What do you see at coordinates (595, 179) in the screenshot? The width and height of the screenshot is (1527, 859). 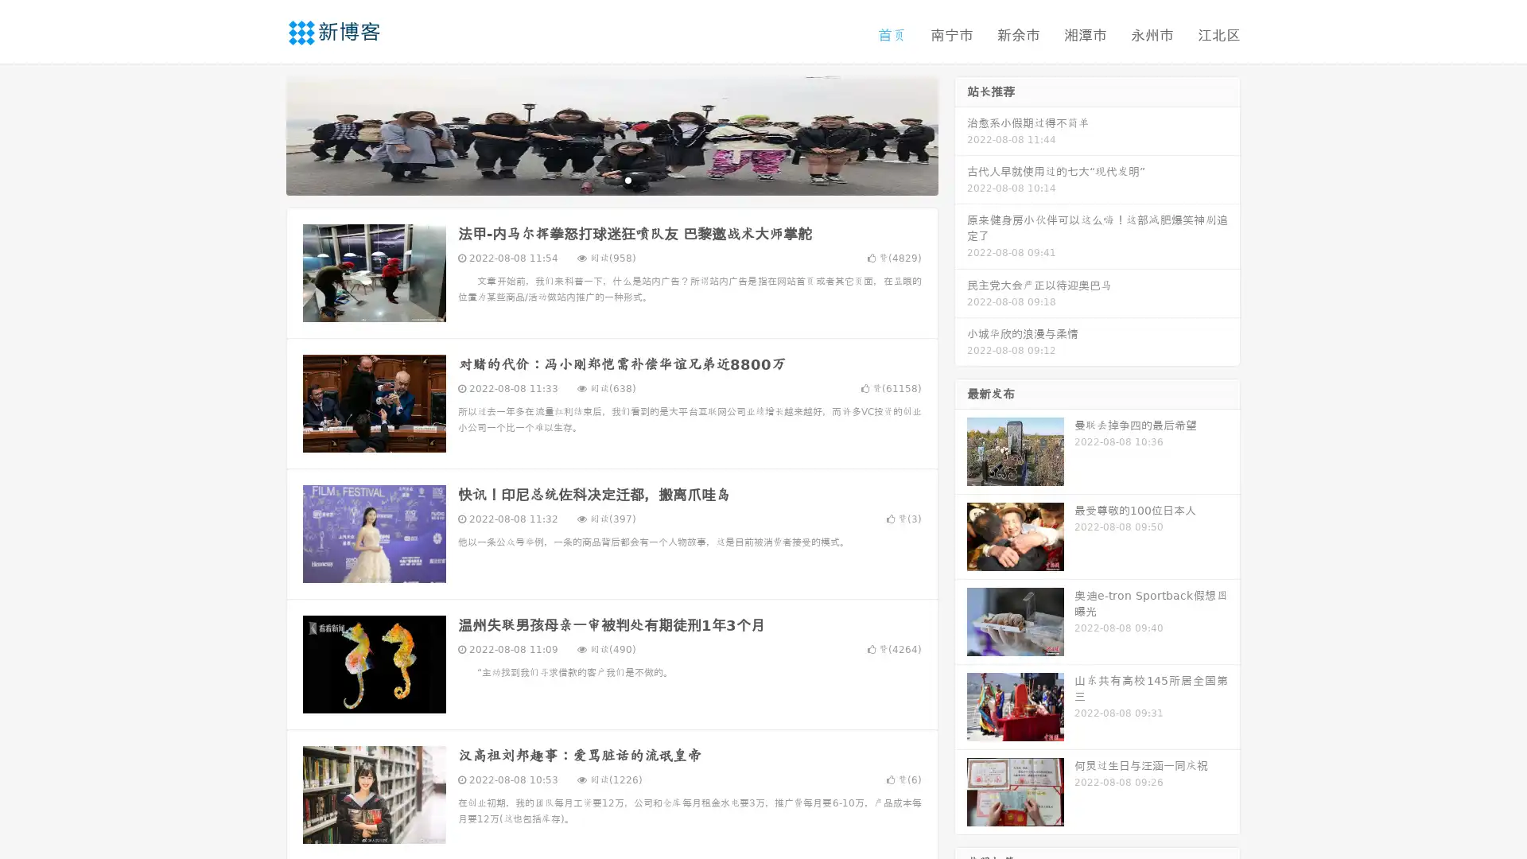 I see `Go to slide 1` at bounding box center [595, 179].